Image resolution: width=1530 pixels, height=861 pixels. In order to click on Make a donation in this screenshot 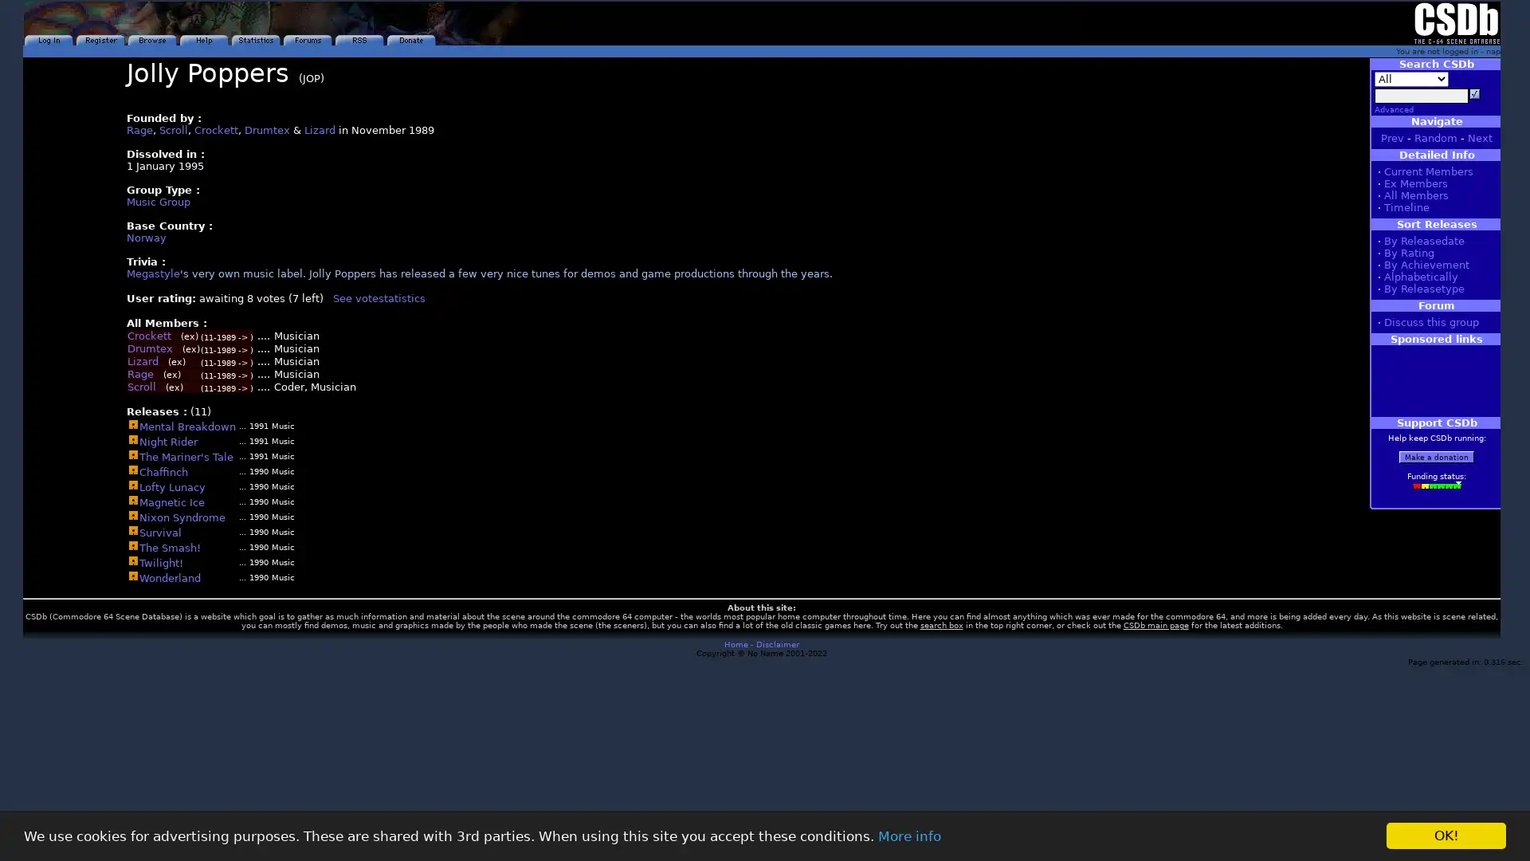, I will do `click(1437, 457)`.